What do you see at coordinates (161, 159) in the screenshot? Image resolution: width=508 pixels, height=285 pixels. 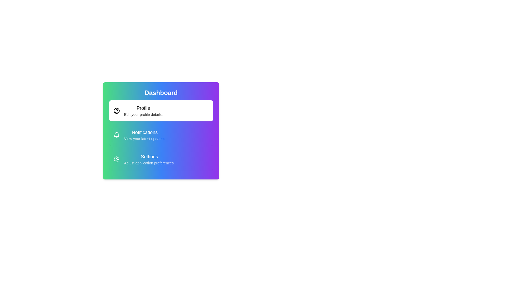 I see `the menu option Settings` at bounding box center [161, 159].